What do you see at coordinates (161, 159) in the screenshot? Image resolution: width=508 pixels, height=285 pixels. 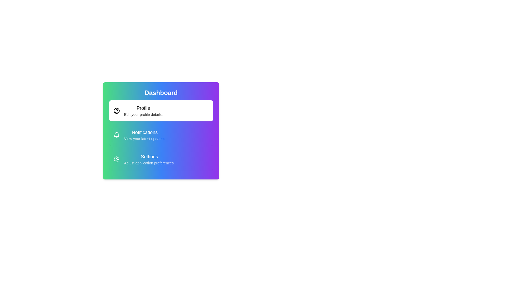 I see `the menu option Settings` at bounding box center [161, 159].